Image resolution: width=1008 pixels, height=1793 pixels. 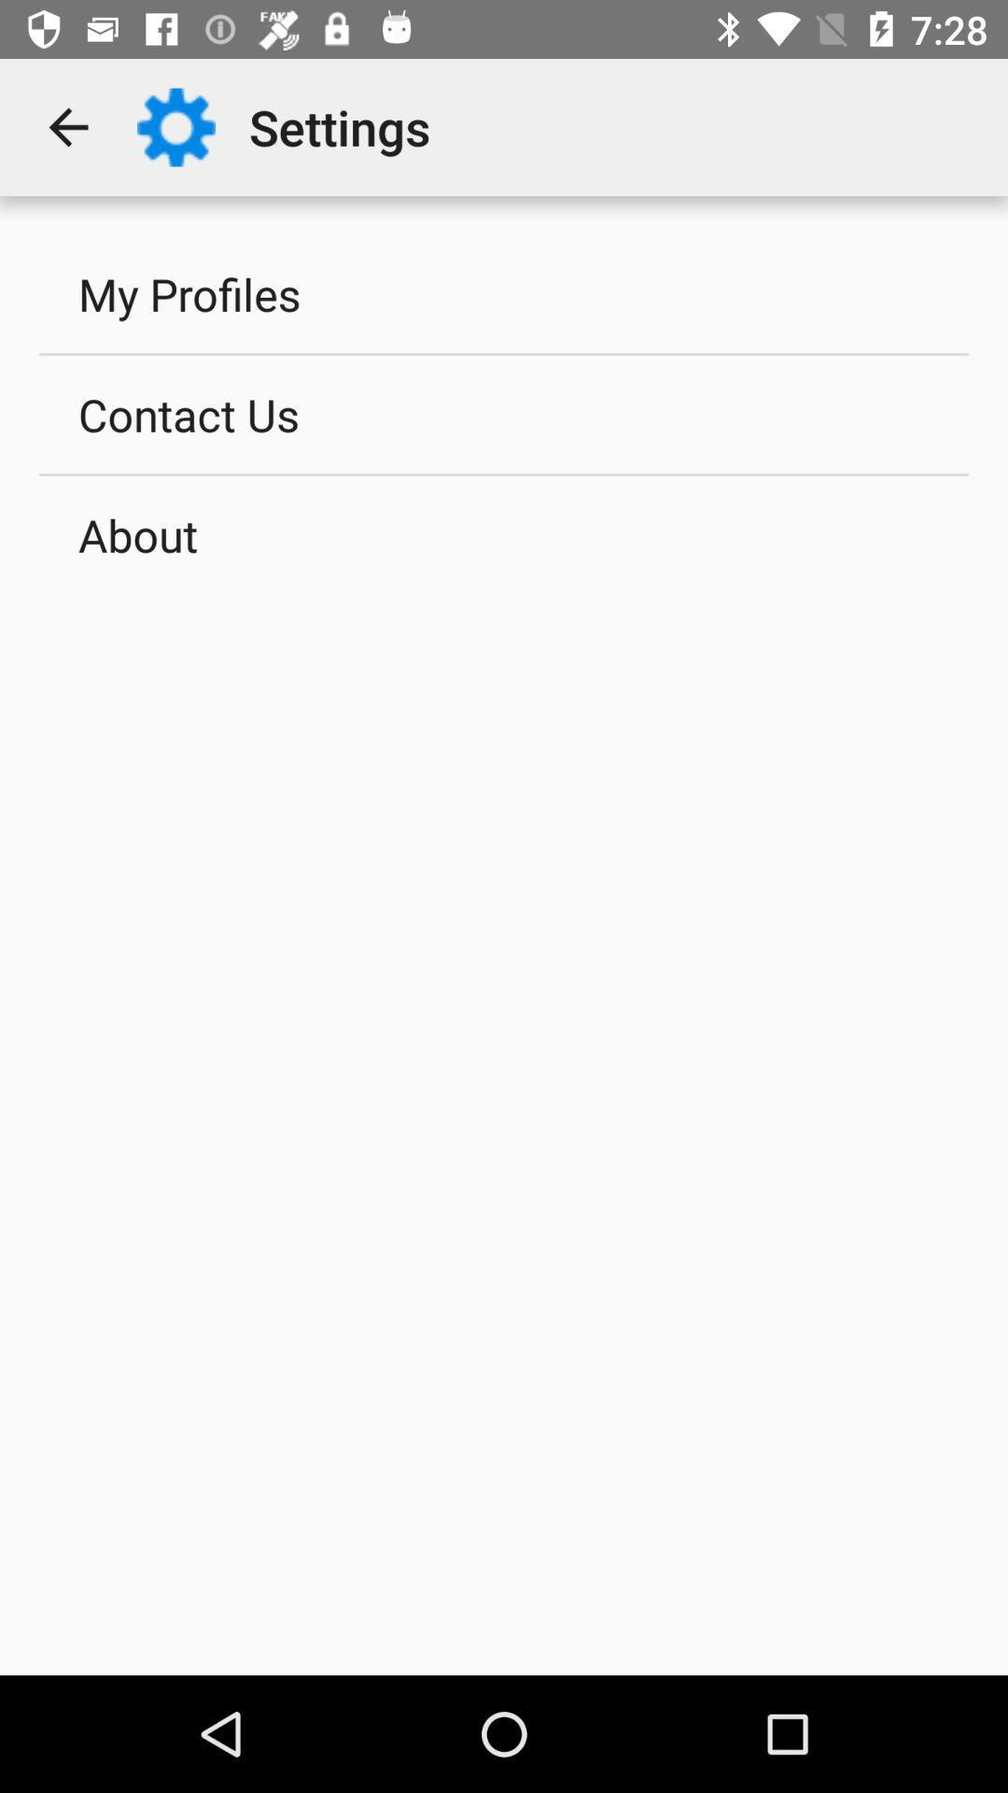 I want to click on icon above my profiles icon, so click(x=67, y=126).